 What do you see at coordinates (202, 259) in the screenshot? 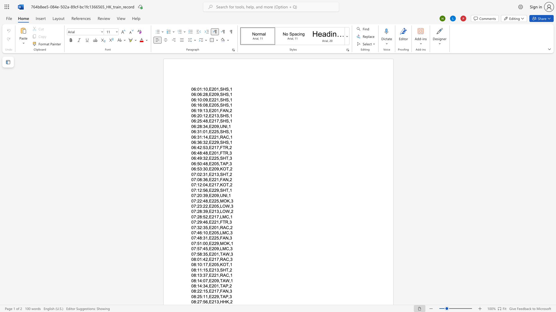
I see `the subset text ":42,E217" within the text "08:01:42,E217,RAC,3"` at bounding box center [202, 259].